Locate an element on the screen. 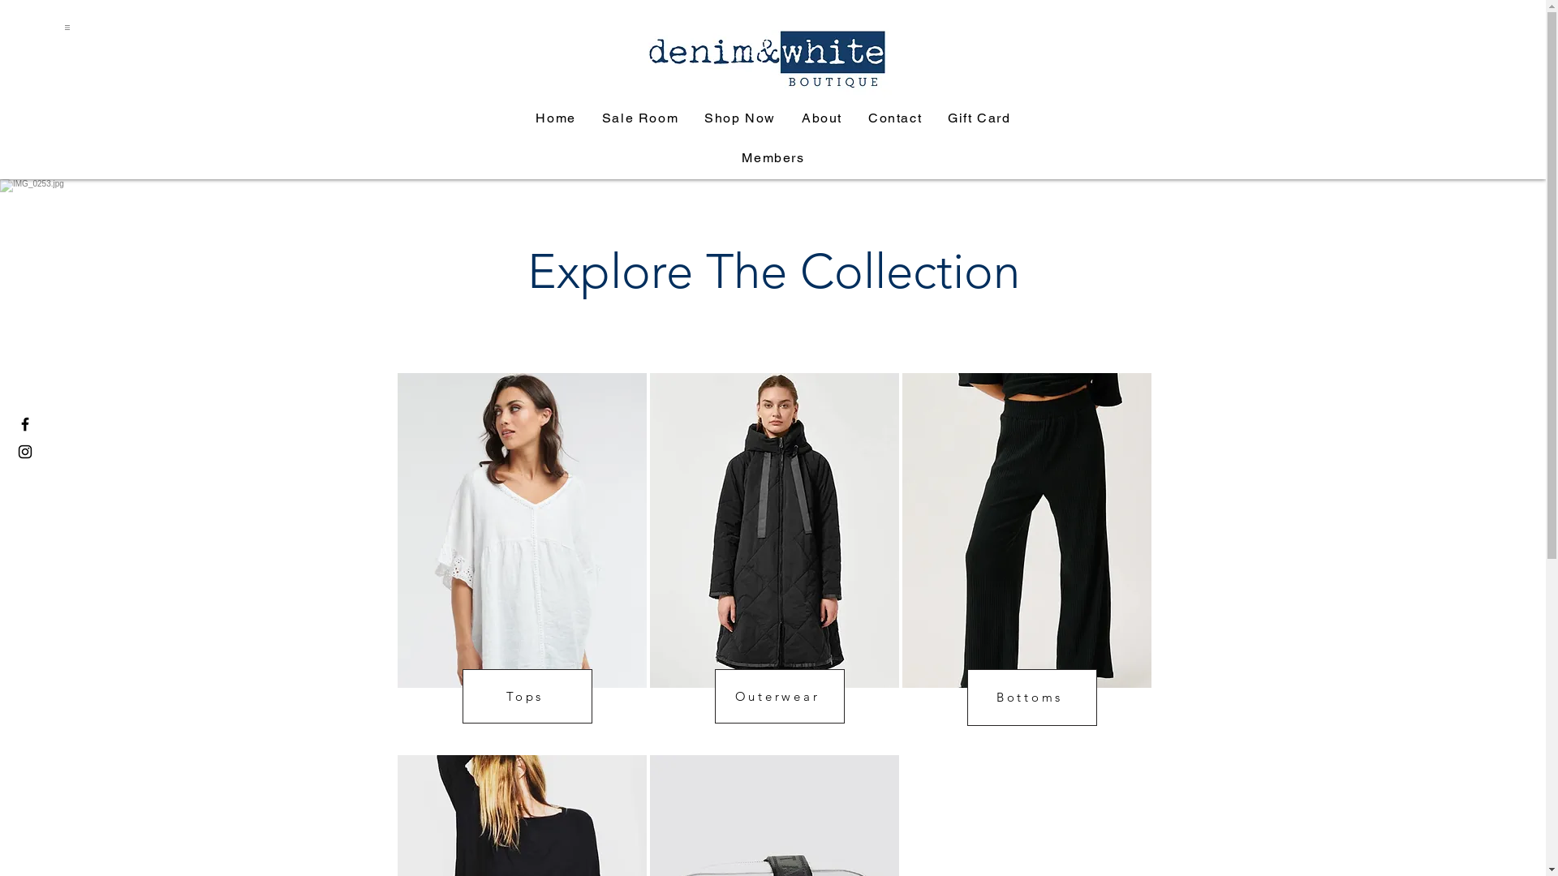 The height and width of the screenshot is (876, 1558). 'About' is located at coordinates (821, 118).